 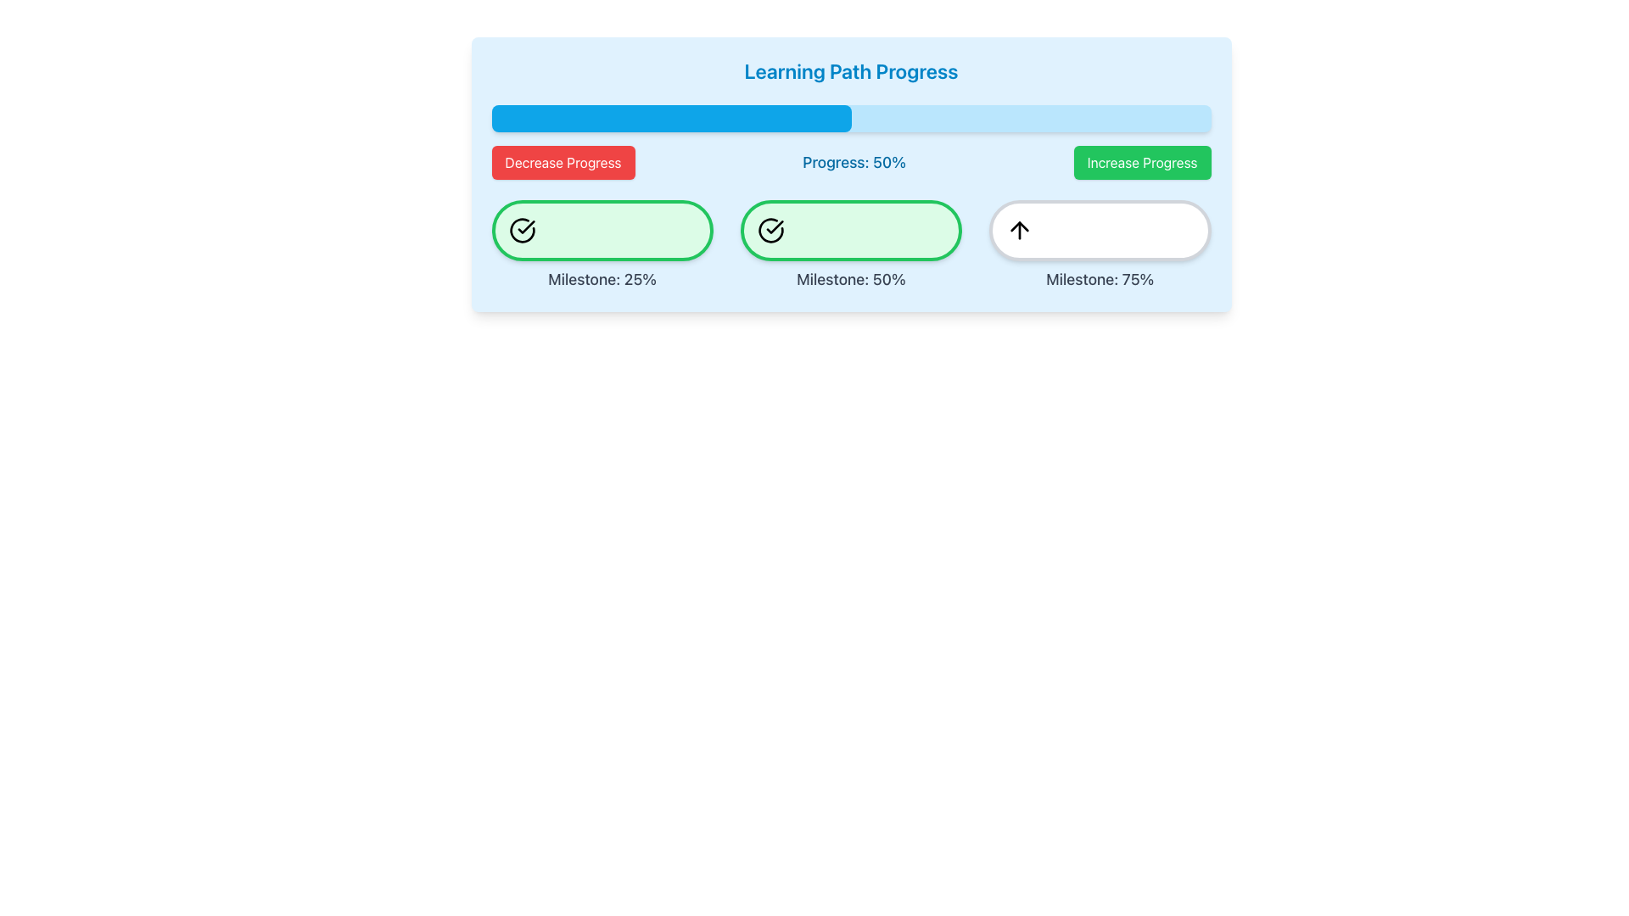 What do you see at coordinates (1100, 279) in the screenshot?
I see `text from the progress milestone value displayed in the text label, which is centered below a bordered white circular area containing an upward arrow` at bounding box center [1100, 279].